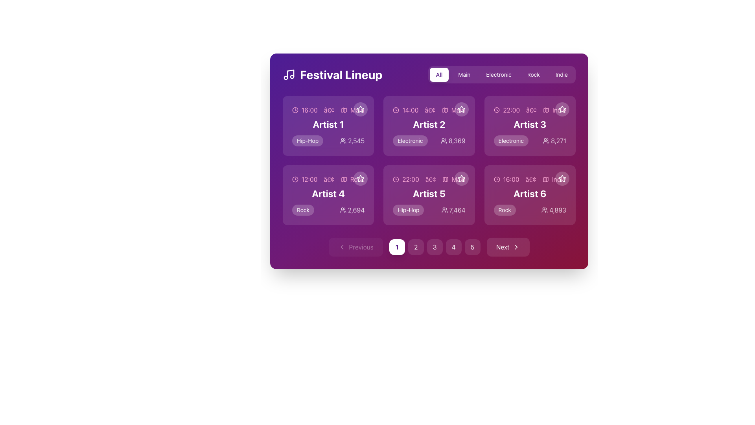  Describe the element at coordinates (360, 179) in the screenshot. I see `the star icon for marking or favoriting the content associated with 'Artist 4'` at that location.